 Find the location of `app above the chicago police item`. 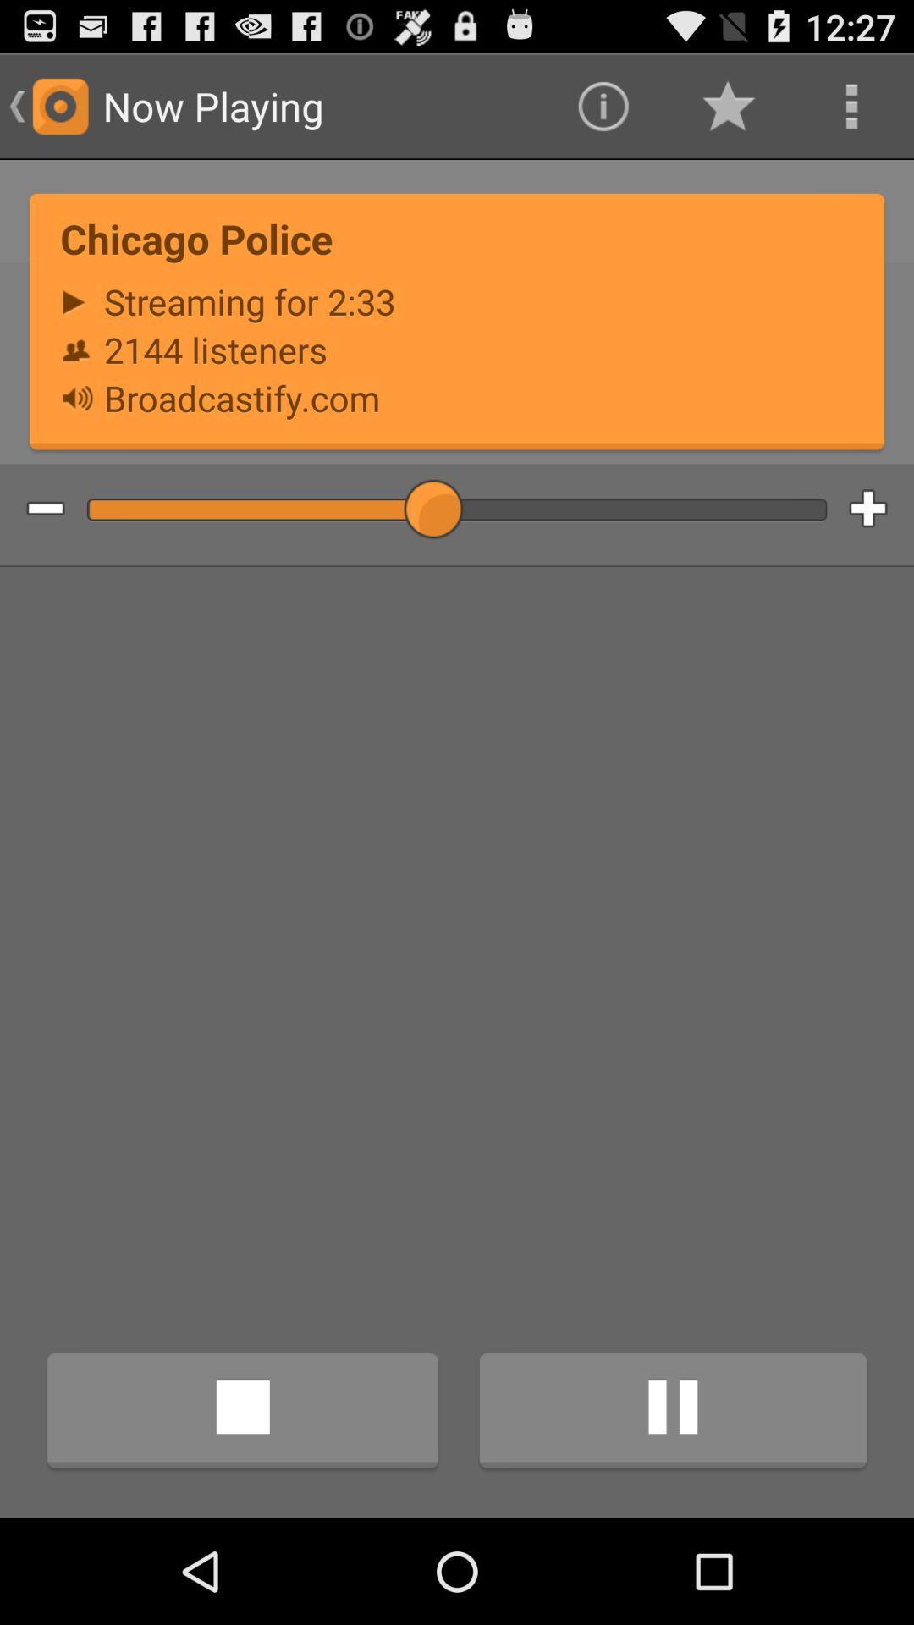

app above the chicago police item is located at coordinates (602, 105).